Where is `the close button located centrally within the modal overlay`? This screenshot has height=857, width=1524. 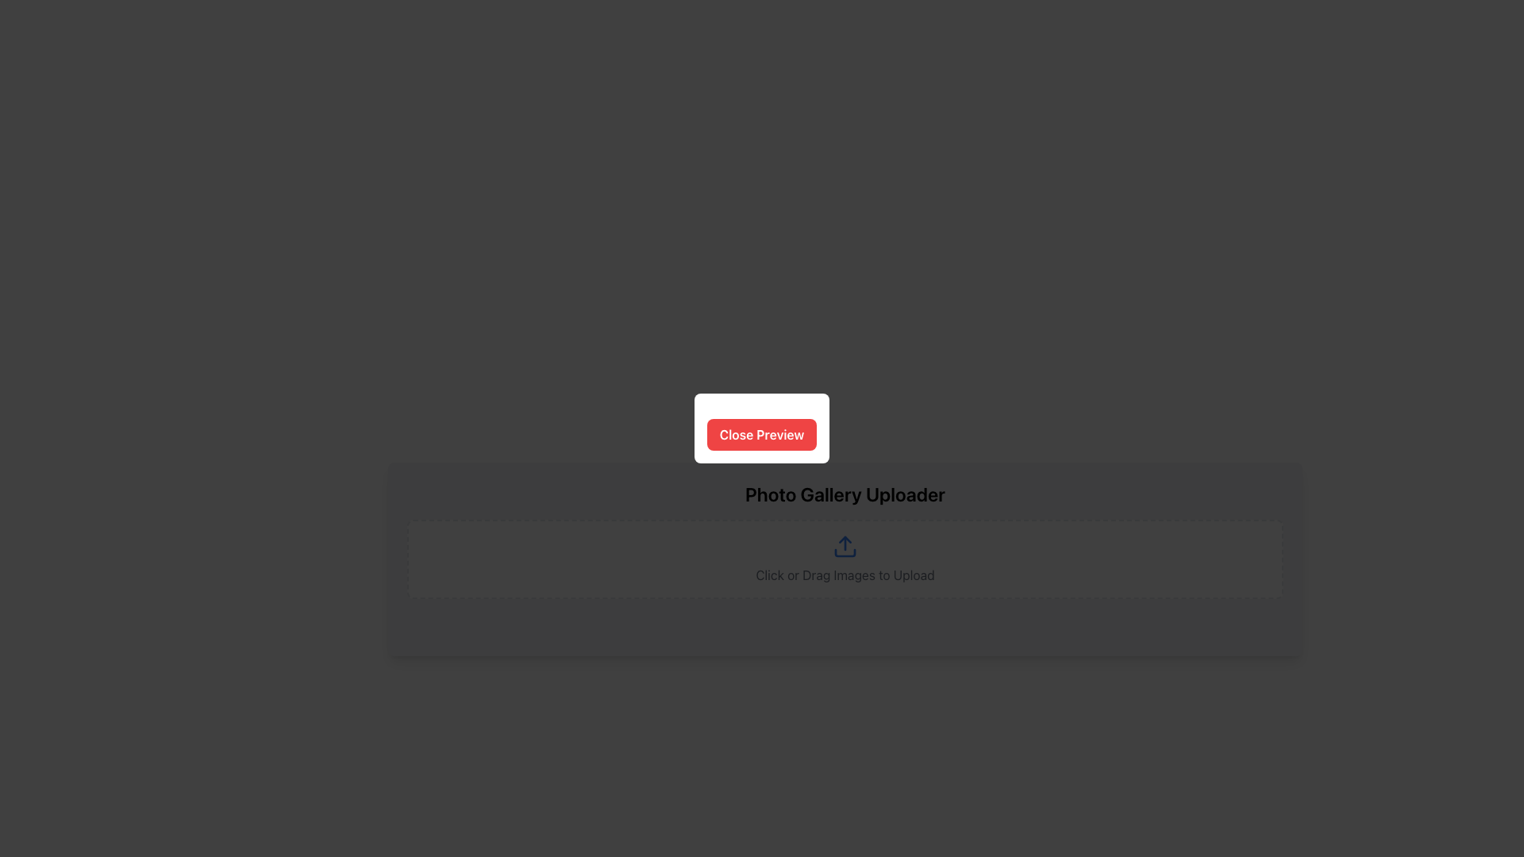 the close button located centrally within the modal overlay is located at coordinates (762, 428).